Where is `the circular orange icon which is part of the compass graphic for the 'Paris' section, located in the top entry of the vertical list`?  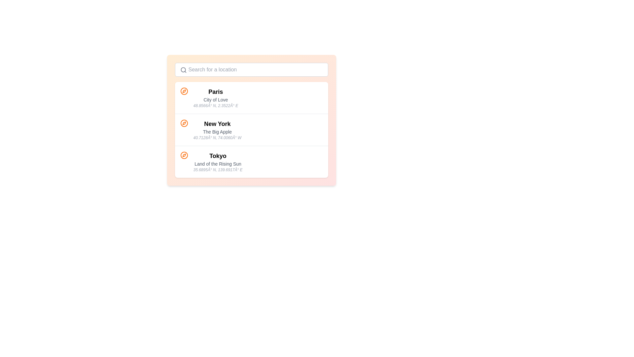
the circular orange icon which is part of the compass graphic for the 'Paris' section, located in the top entry of the vertical list is located at coordinates (184, 91).